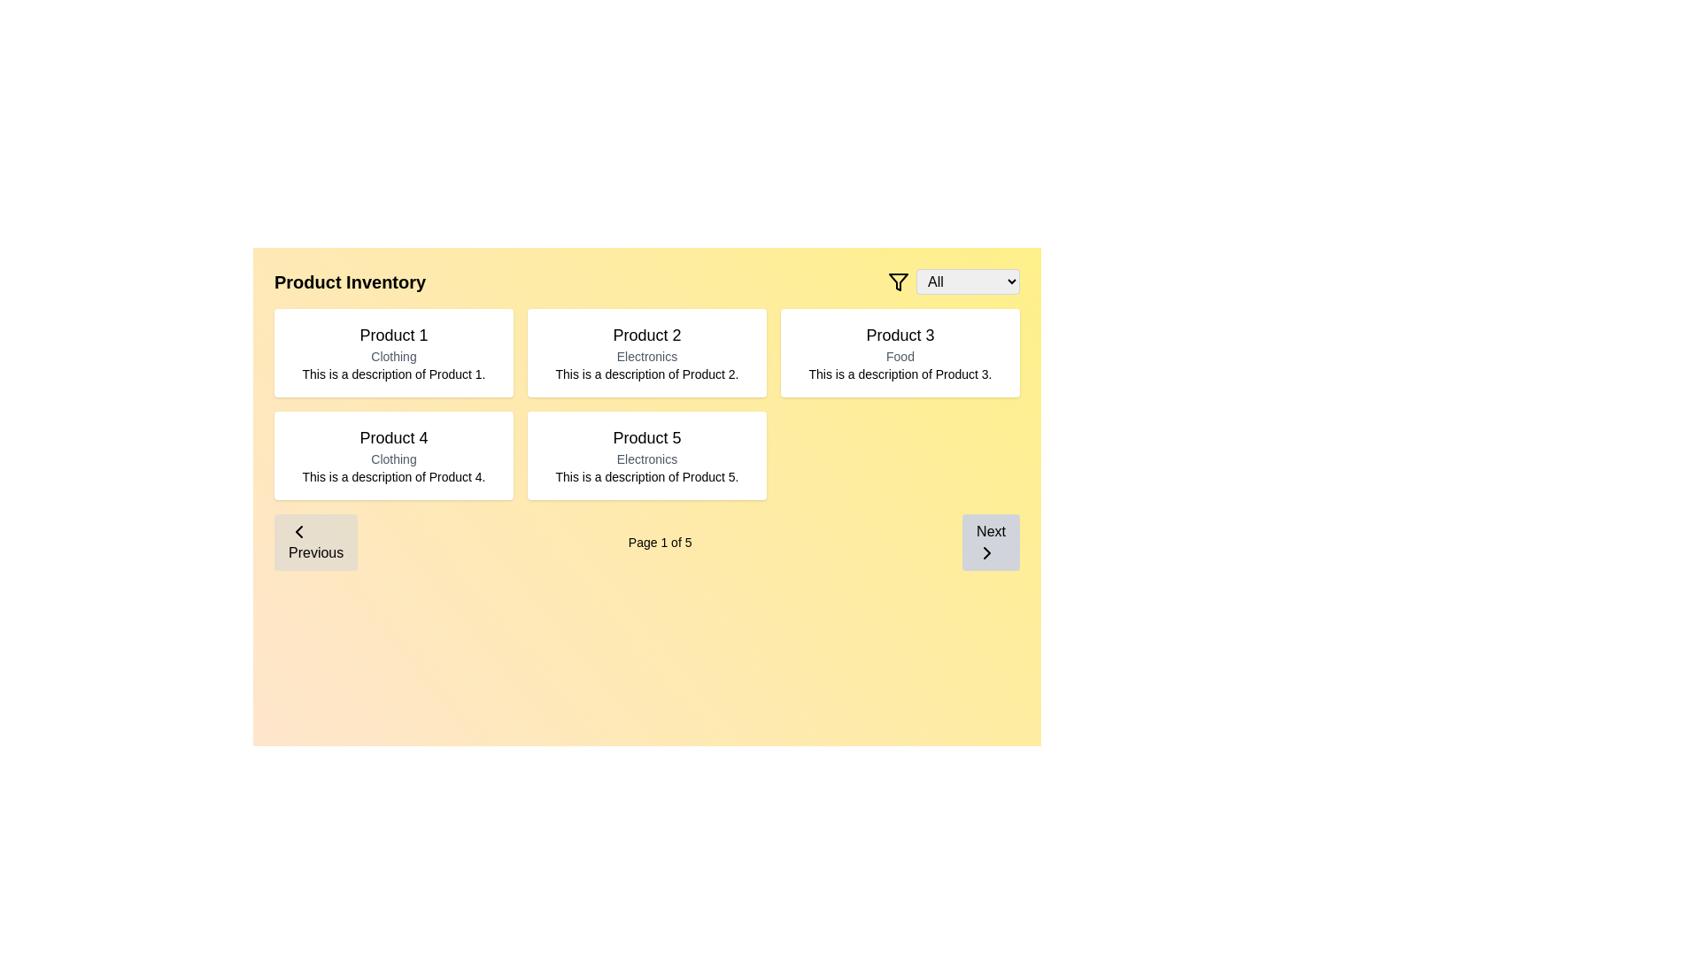  What do you see at coordinates (967, 281) in the screenshot?
I see `an option from the dropdown menu located to the right of the filter icon in the top-right corner of the page to filter items in the product inventory list` at bounding box center [967, 281].